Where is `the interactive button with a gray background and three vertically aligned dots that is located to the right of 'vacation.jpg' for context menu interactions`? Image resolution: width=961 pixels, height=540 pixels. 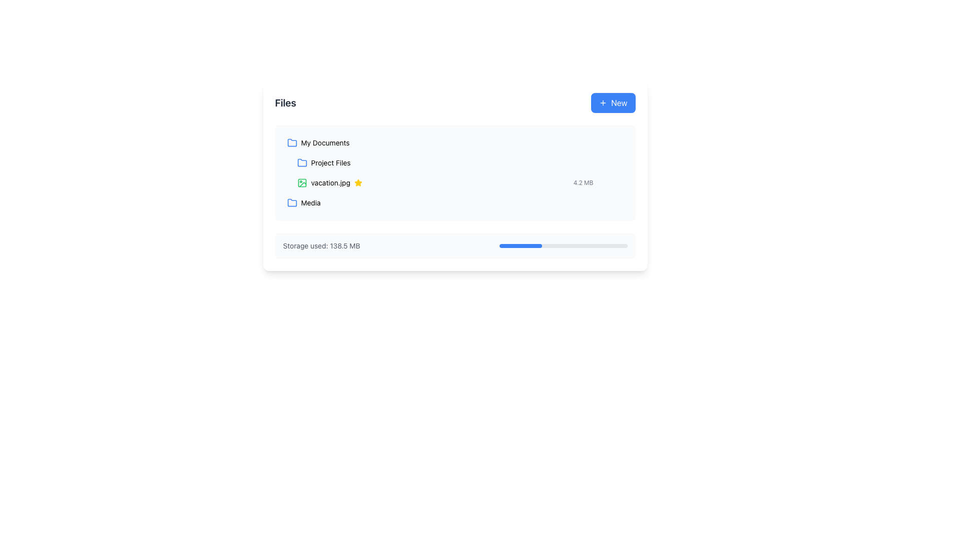 the interactive button with a gray background and three vertically aligned dots that is located to the right of 'vacation.jpg' for context menu interactions is located at coordinates (617, 183).